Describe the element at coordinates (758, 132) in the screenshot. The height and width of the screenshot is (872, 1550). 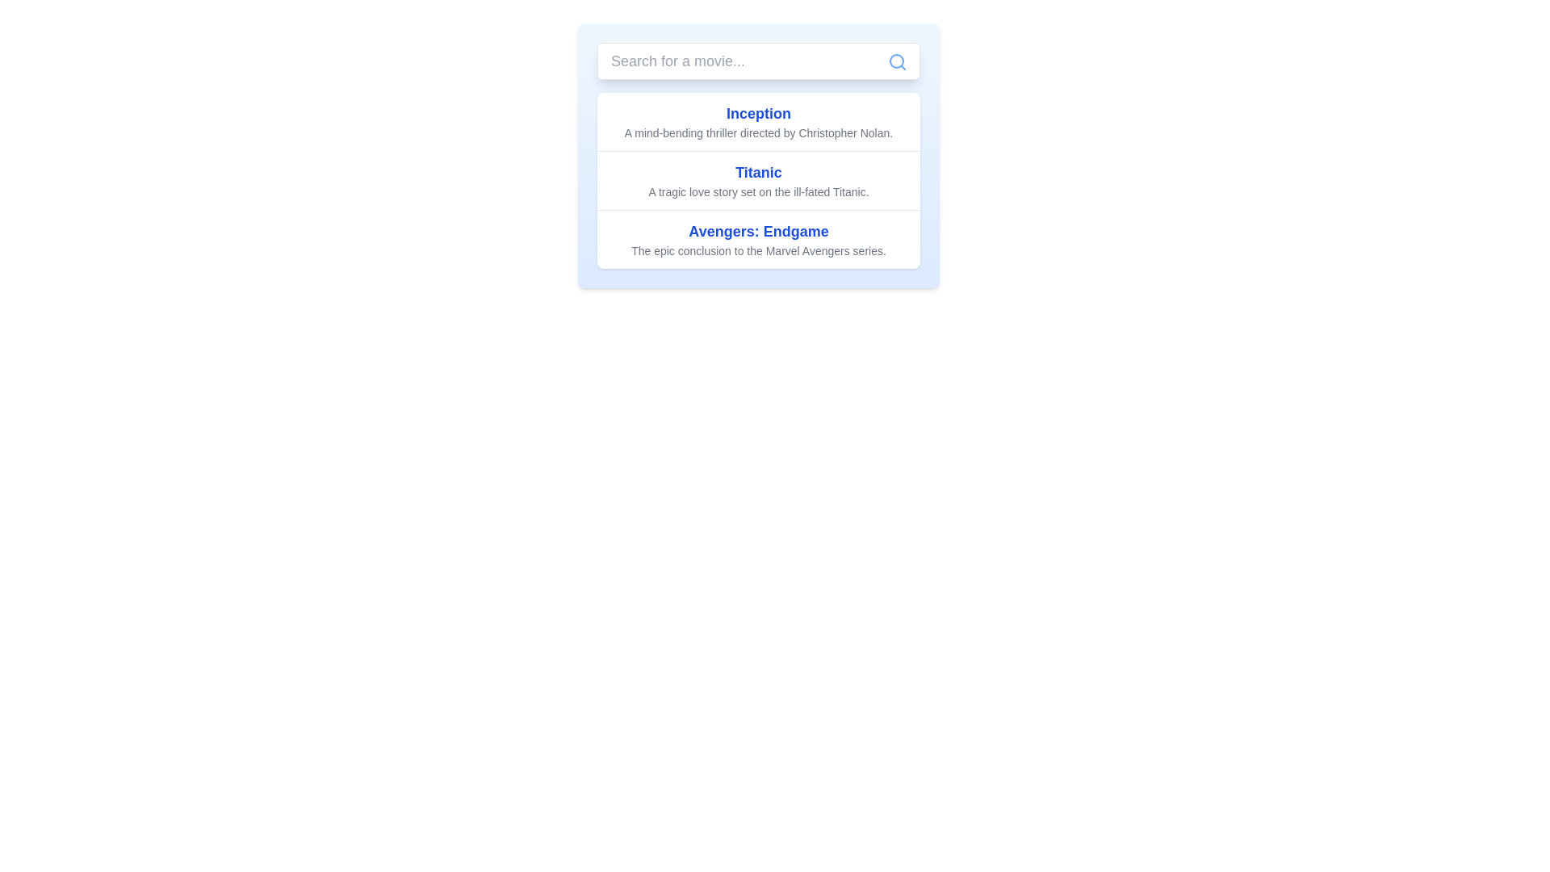
I see `the text label providing a brief description of the movie 'Inception', which is centrally aligned below the title and positioned near the top of the page under the search bar` at that location.